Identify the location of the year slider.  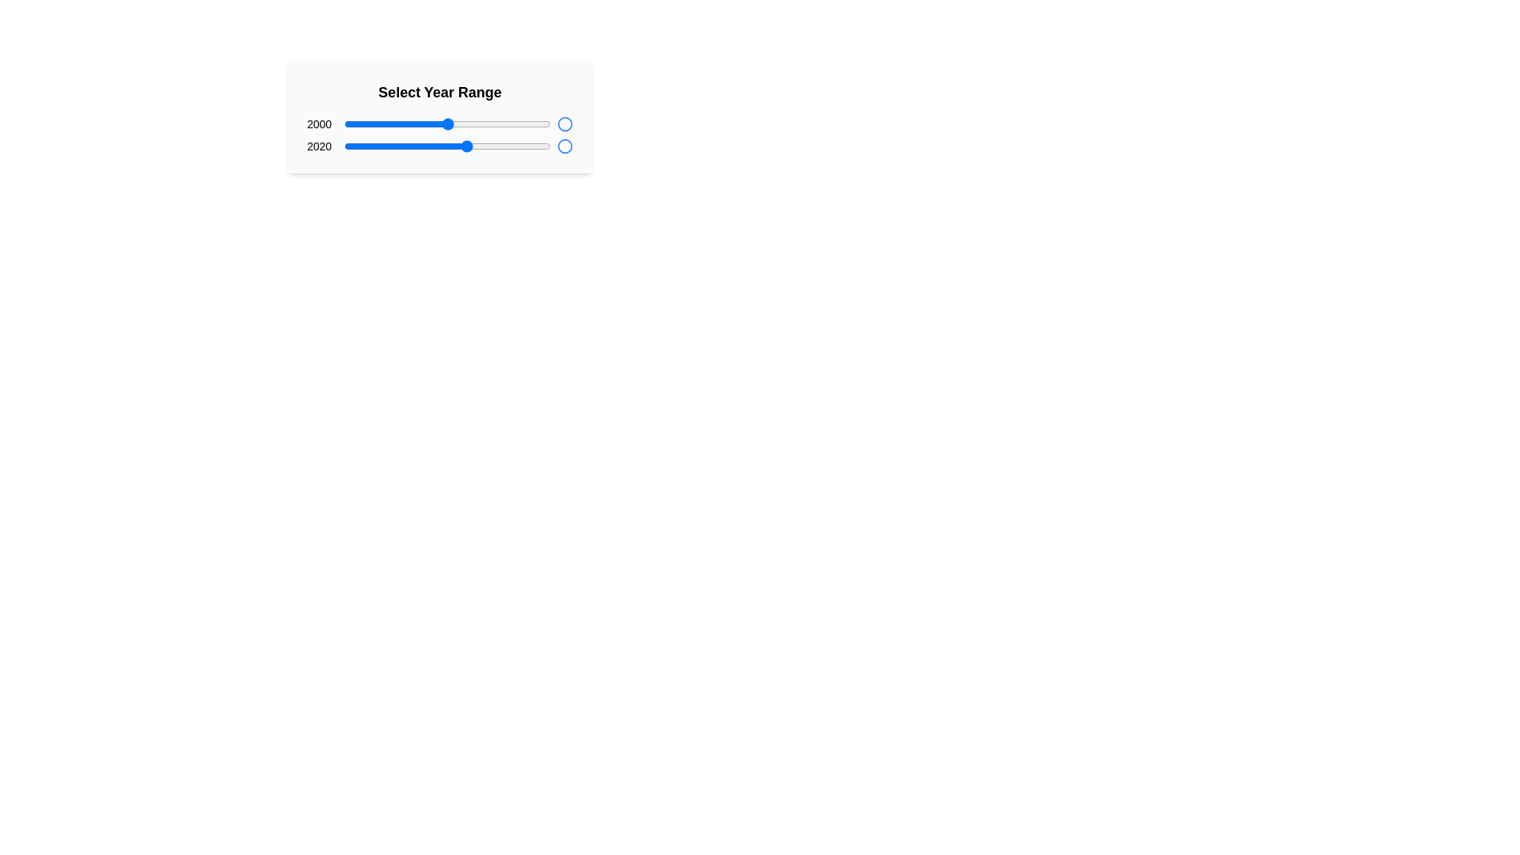
(357, 146).